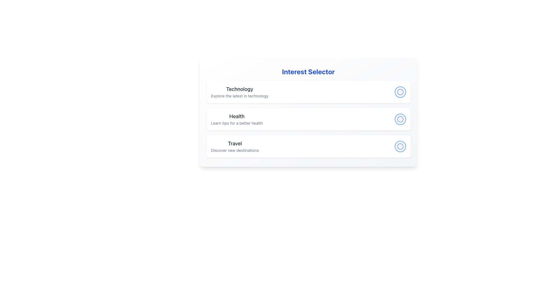 The width and height of the screenshot is (544, 306). What do you see at coordinates (235, 146) in the screenshot?
I see `text for the category description of the selectable option titled 'Travel' which displays 'Discover new destinations' in the 'Interest Selector' interface` at bounding box center [235, 146].